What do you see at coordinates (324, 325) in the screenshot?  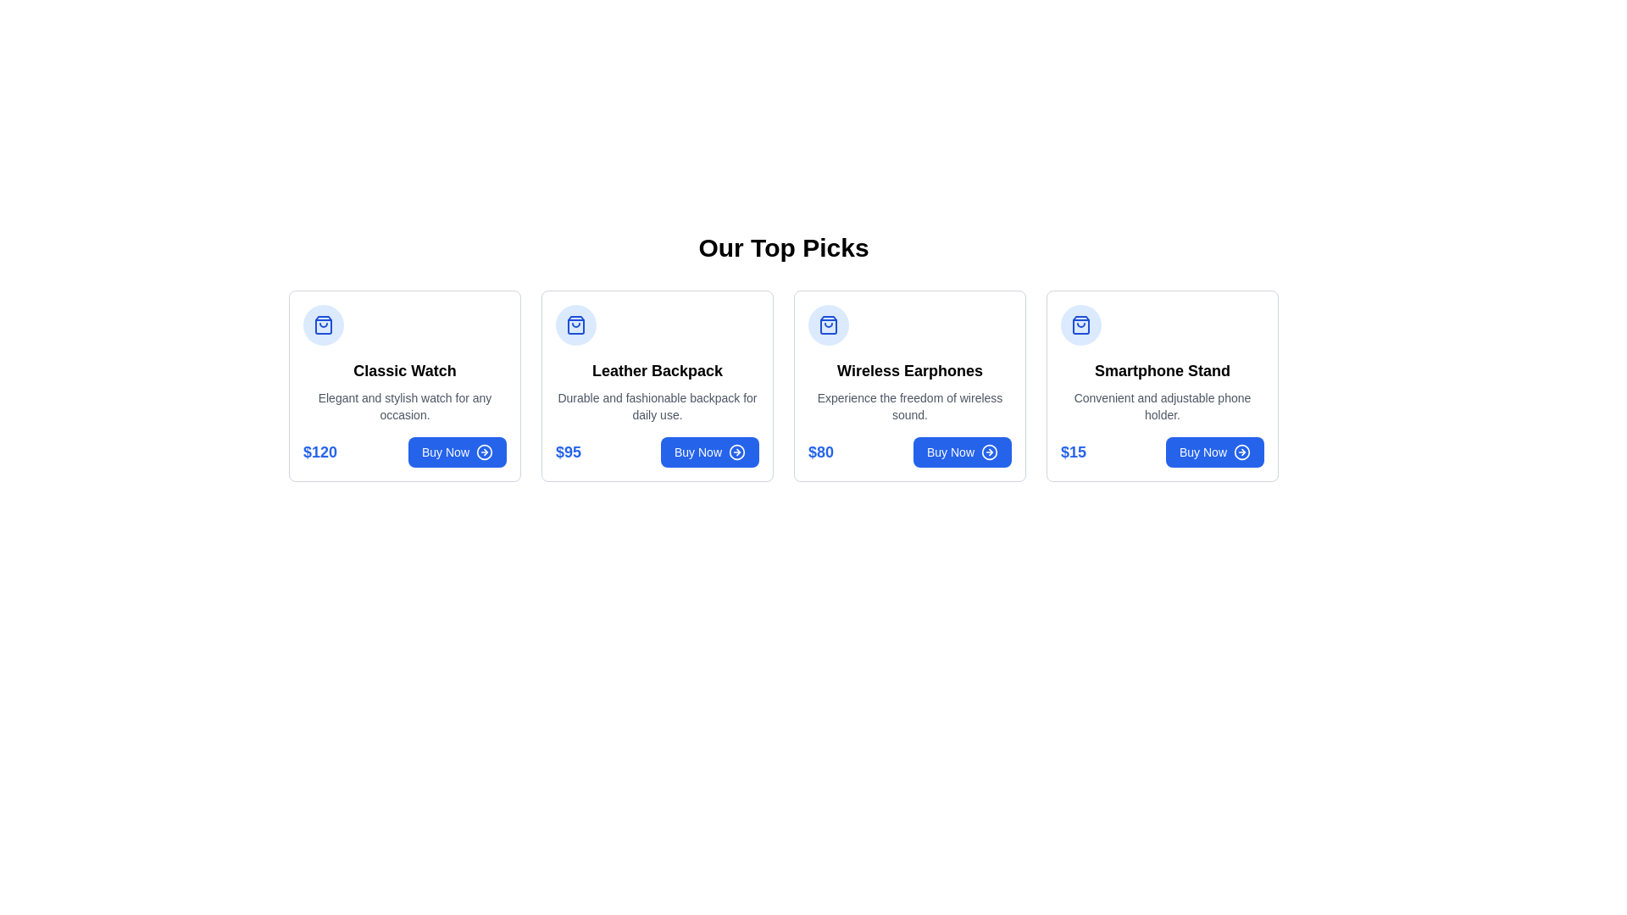 I see `the shopping bag icon located at the top-left corner inside the first card of the product list, above the item description for 'Classic Watch'` at bounding box center [324, 325].